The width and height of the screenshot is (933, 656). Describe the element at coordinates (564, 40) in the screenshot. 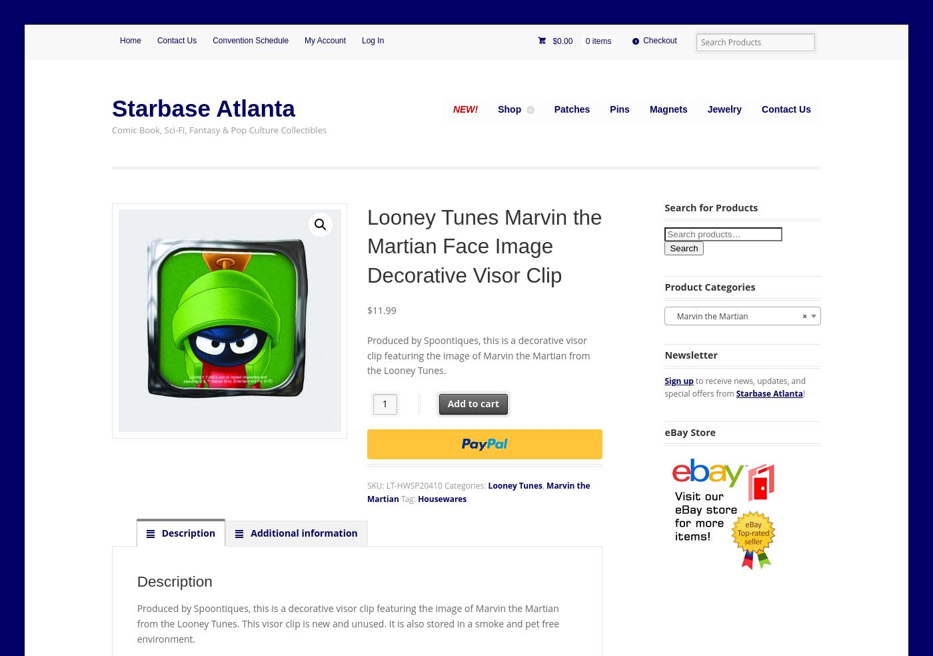

I see `'0.00'` at that location.